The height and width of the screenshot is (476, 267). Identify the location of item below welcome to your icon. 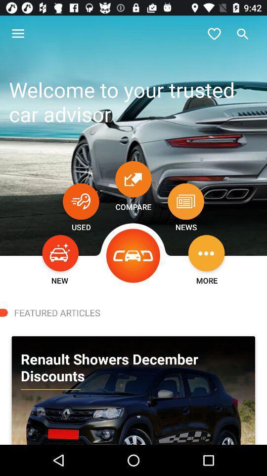
(186, 201).